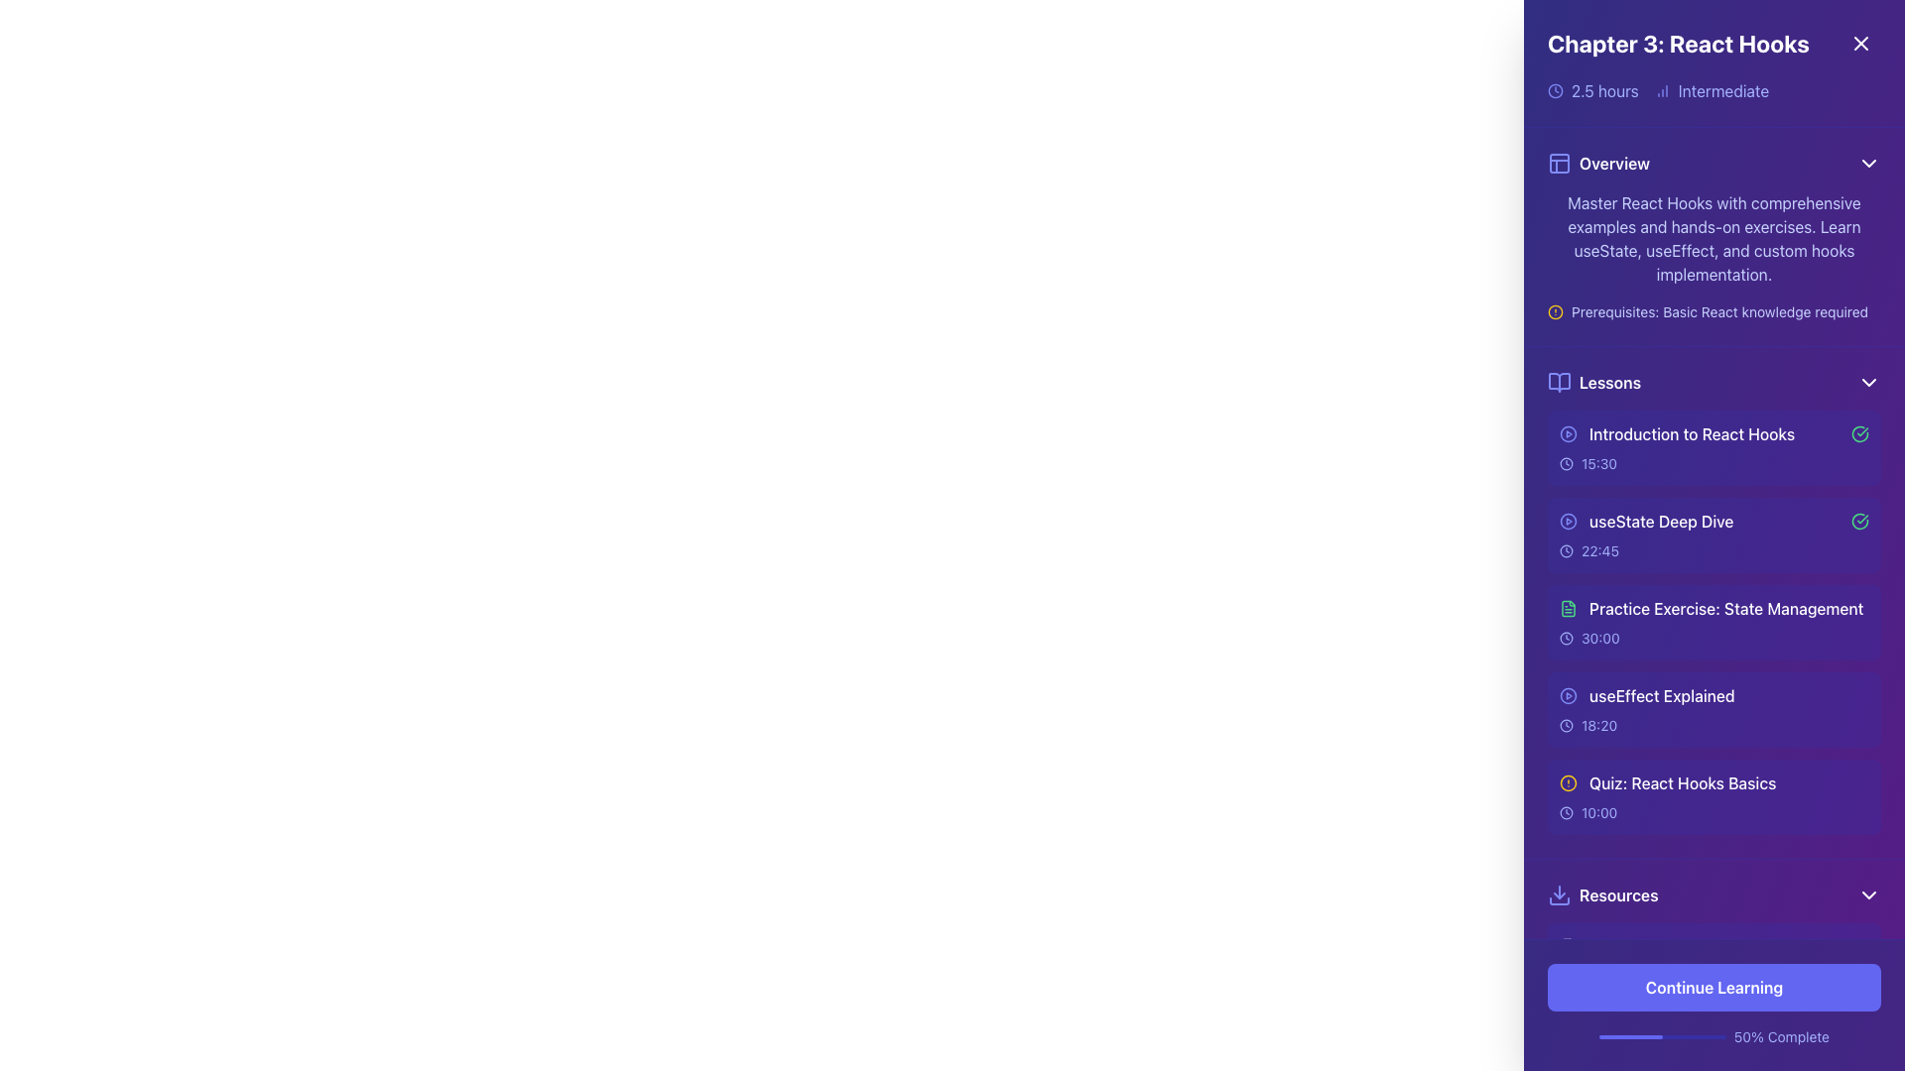 This screenshot has height=1071, width=1905. I want to click on the interactive circle SVG element that highlights the lesson labeled 'Quiz: React Hooks Basics', so click(1567, 782).